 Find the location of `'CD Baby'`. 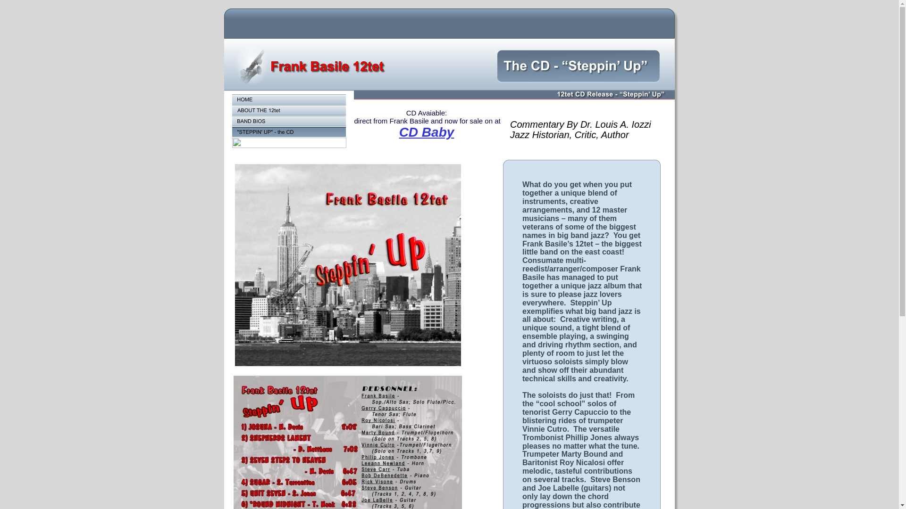

'CD Baby' is located at coordinates (426, 132).